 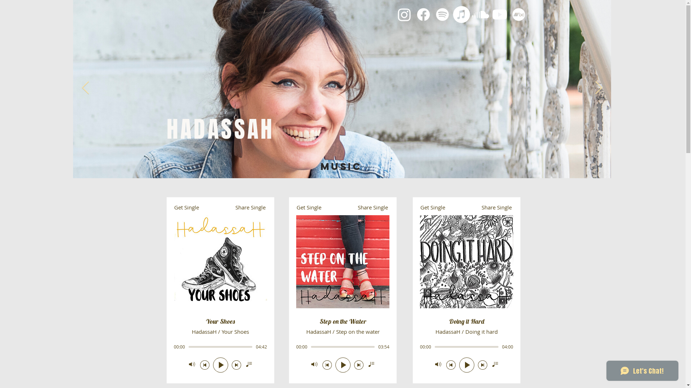 I want to click on 'Wix Music', so click(x=220, y=290).